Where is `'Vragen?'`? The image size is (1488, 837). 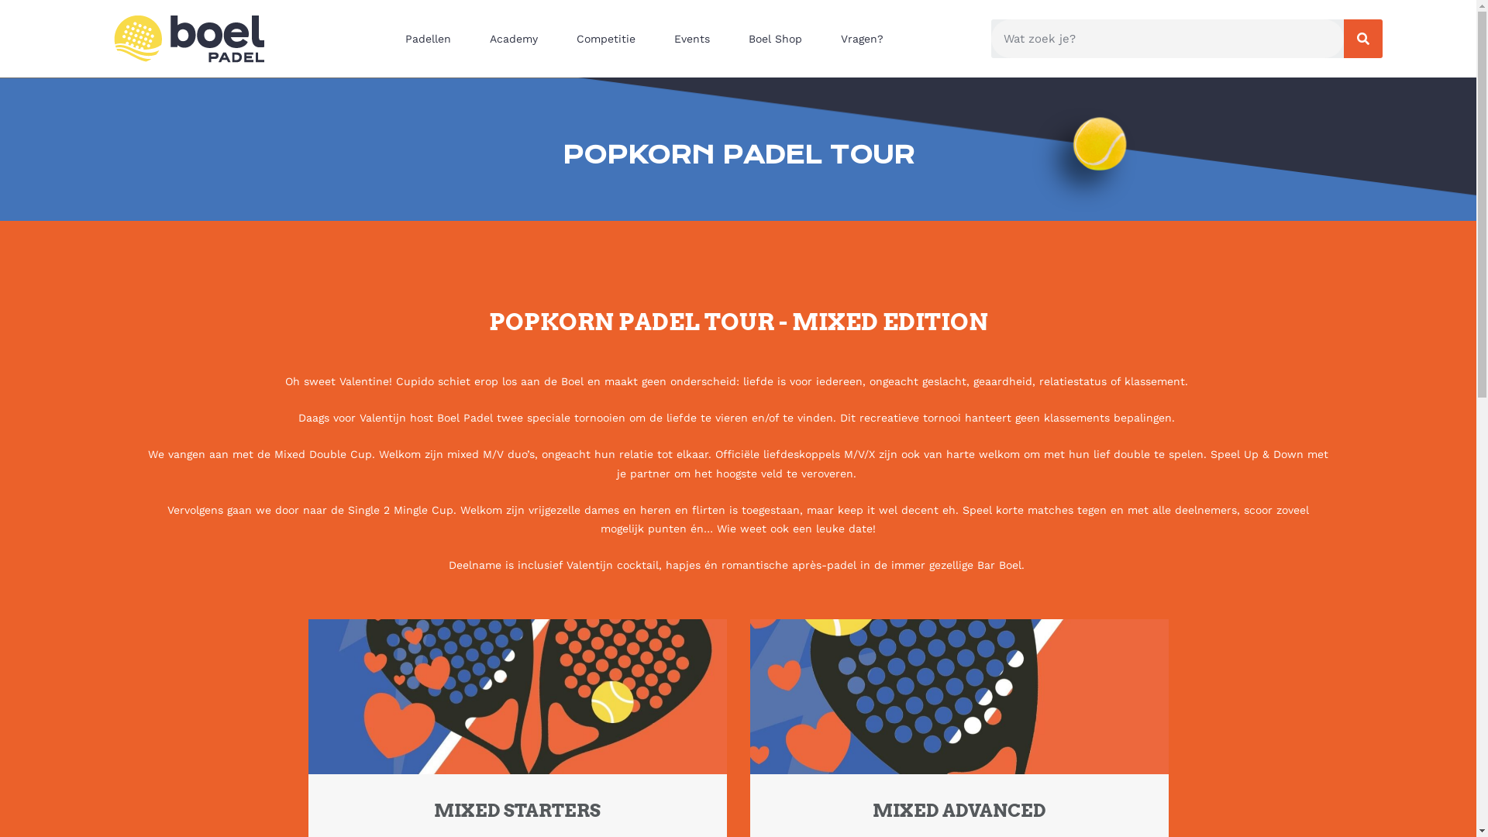 'Vragen?' is located at coordinates (865, 38).